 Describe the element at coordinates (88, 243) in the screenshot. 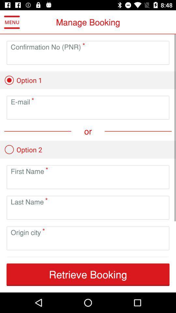

I see `input city` at that location.